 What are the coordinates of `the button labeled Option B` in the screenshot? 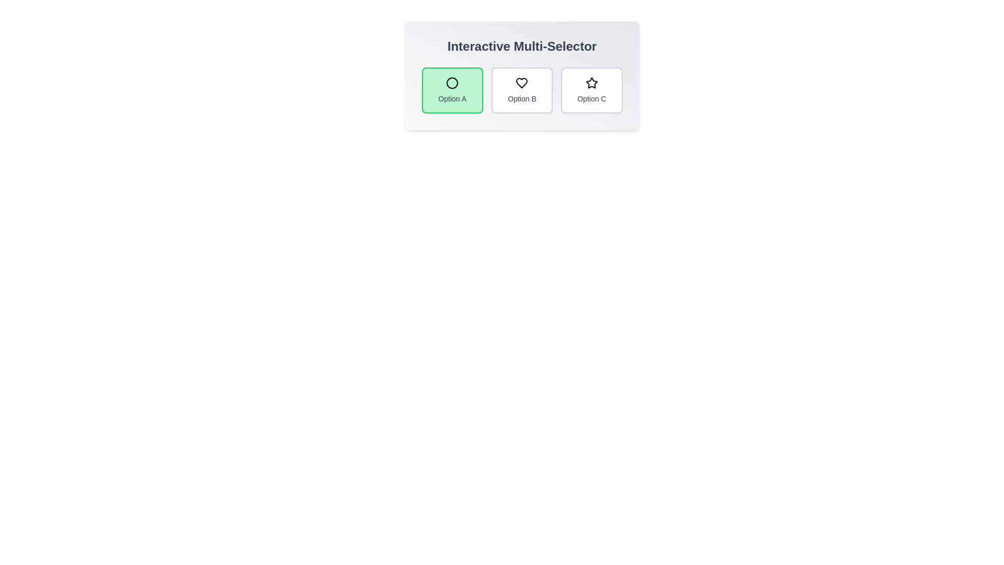 It's located at (522, 90).